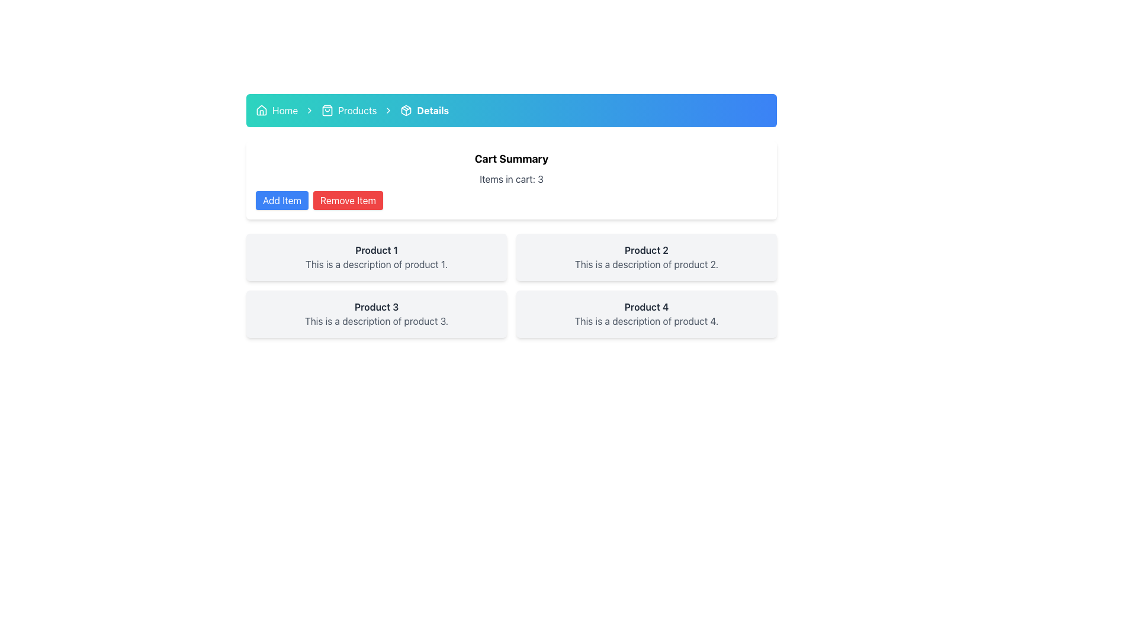  I want to click on the 'Details' icon in the breadcrumb navigation bar at the top center of the interface, which serves as a visual aid for navigation, so click(406, 110).